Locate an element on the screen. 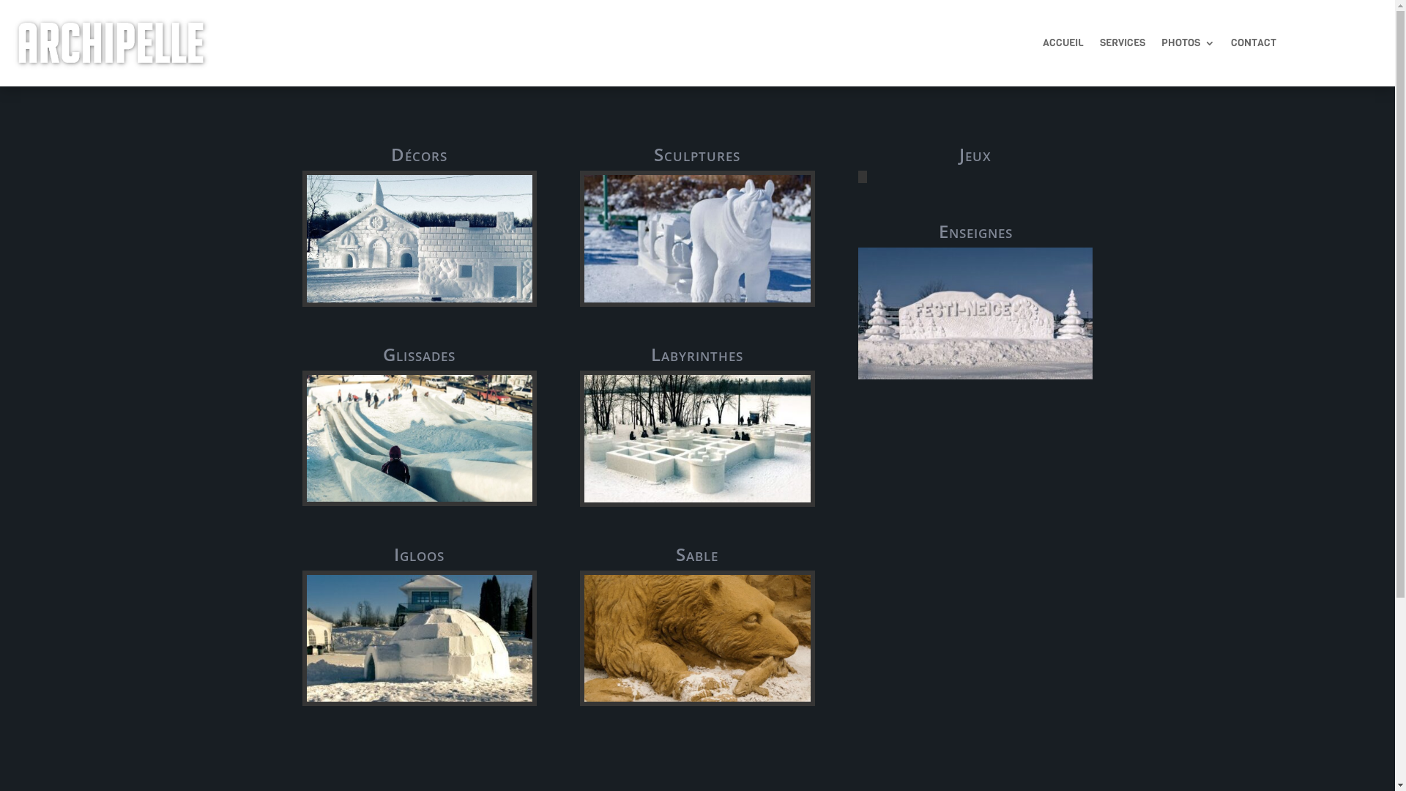 The width and height of the screenshot is (1406, 791). 'PHOTOS' is located at coordinates (1188, 45).